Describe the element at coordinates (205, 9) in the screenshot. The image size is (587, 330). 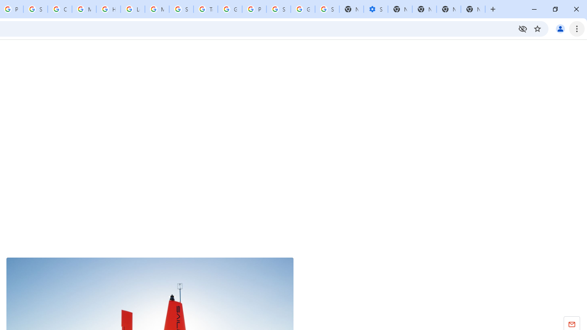
I see `'Trusted Information and Content - Google Safety Center'` at that location.